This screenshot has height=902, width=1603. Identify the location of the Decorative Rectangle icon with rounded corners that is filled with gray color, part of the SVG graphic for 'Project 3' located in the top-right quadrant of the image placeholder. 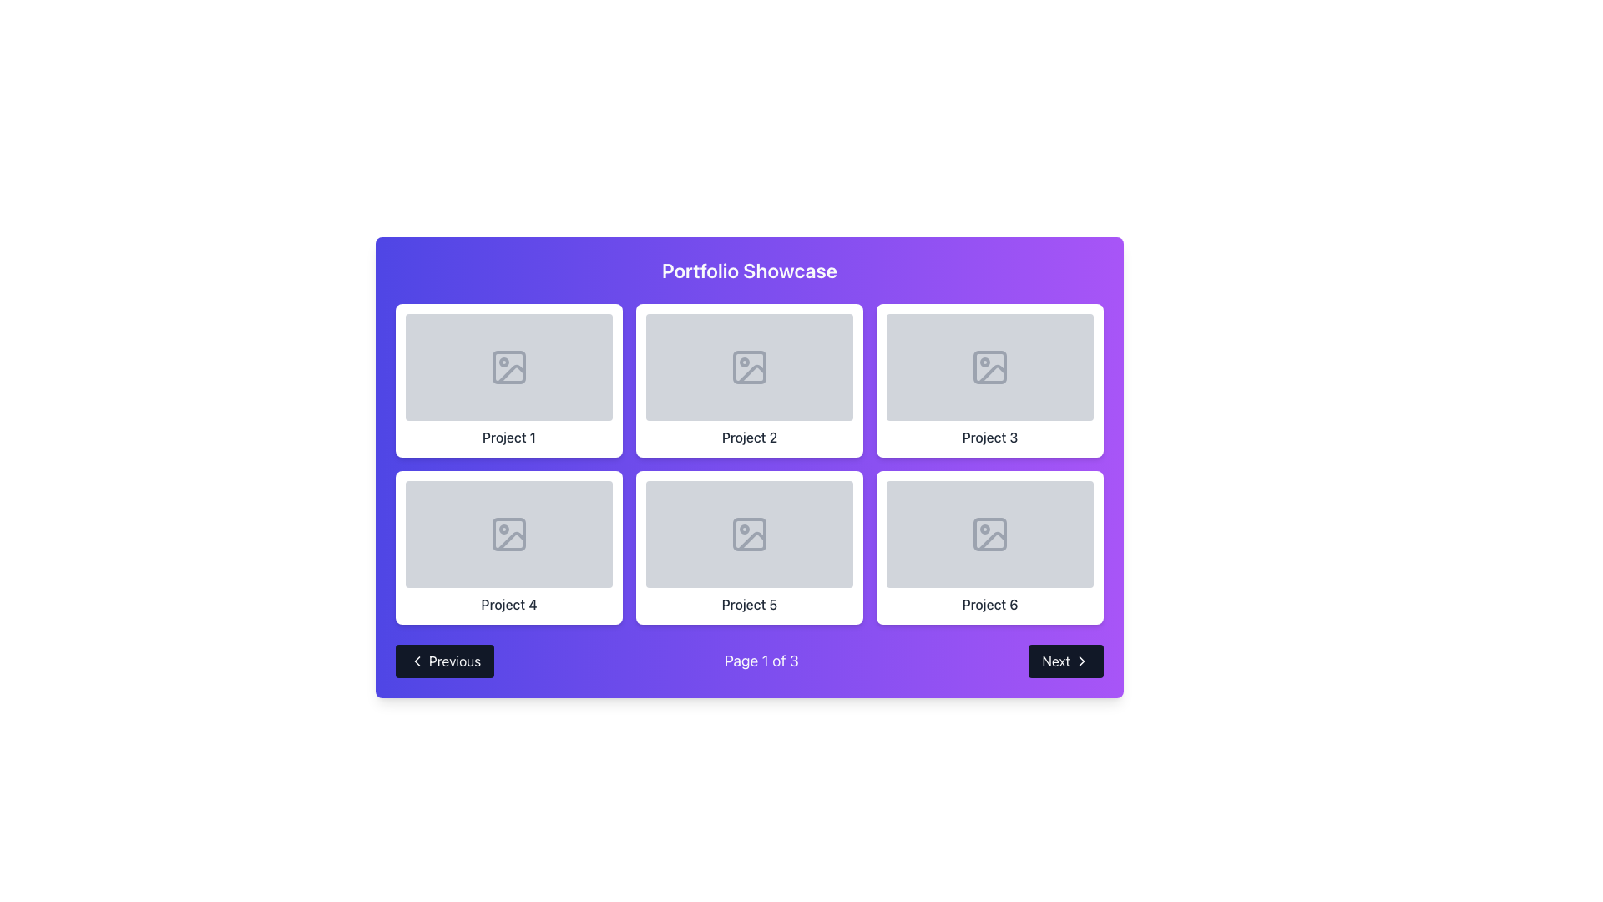
(989, 366).